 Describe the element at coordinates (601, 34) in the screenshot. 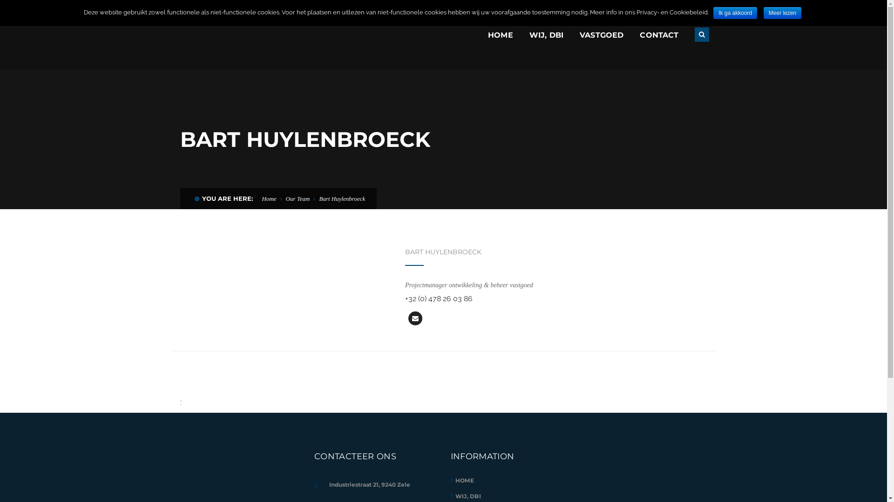

I see `'VASTGOED'` at that location.